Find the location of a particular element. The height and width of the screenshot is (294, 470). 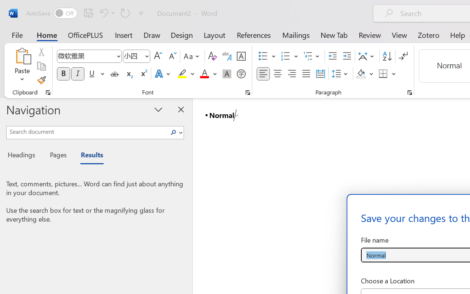

'Font Size' is located at coordinates (137, 56).